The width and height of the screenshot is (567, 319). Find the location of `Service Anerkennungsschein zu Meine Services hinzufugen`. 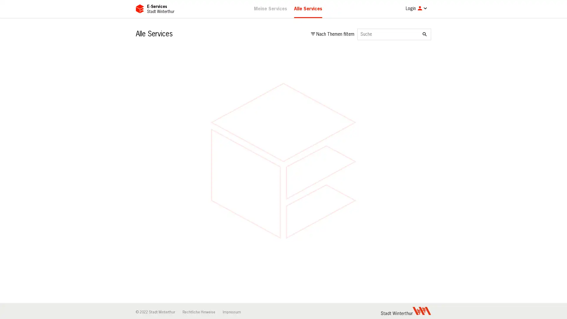

Service Anerkennungsschein zu Meine Services hinzufugen is located at coordinates (322, 122).